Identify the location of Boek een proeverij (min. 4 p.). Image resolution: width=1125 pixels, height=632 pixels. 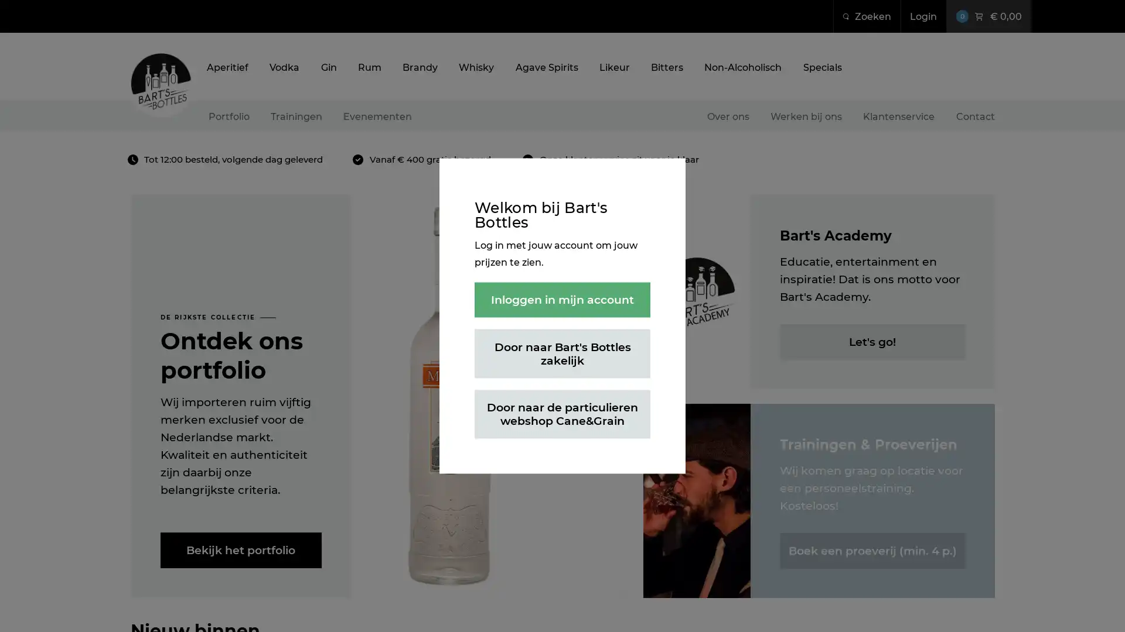
(872, 551).